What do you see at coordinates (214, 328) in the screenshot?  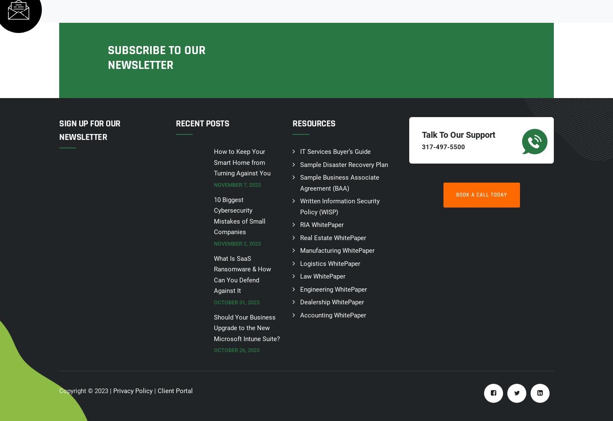 I see `'Should Your Business Upgrade to the New Microsoft Intune Suite?'` at bounding box center [214, 328].